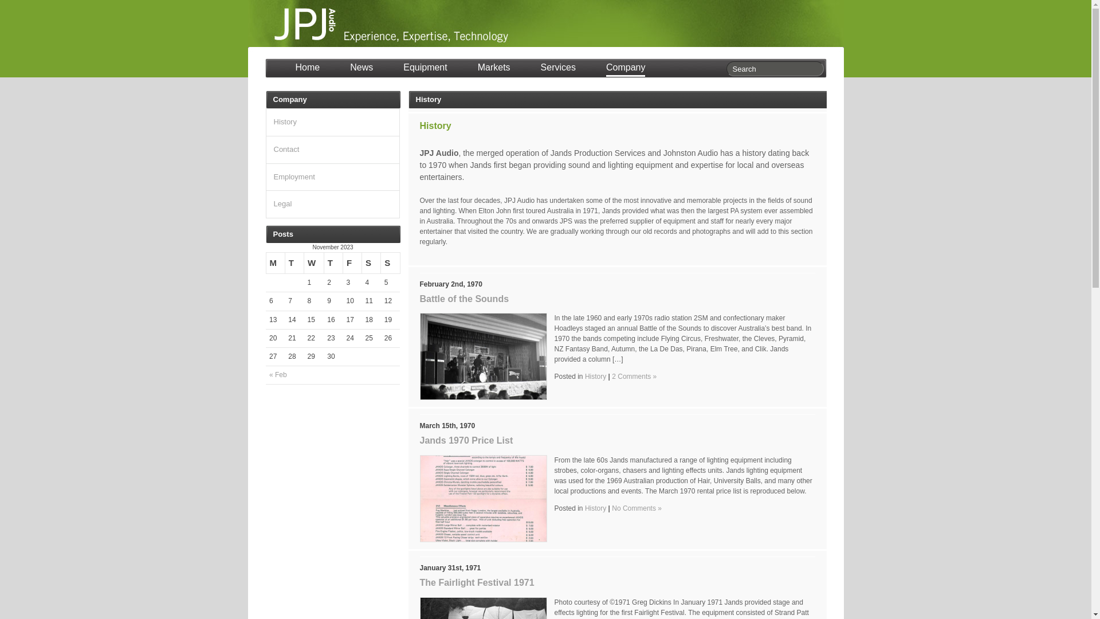  I want to click on 'Contact', so click(286, 148).